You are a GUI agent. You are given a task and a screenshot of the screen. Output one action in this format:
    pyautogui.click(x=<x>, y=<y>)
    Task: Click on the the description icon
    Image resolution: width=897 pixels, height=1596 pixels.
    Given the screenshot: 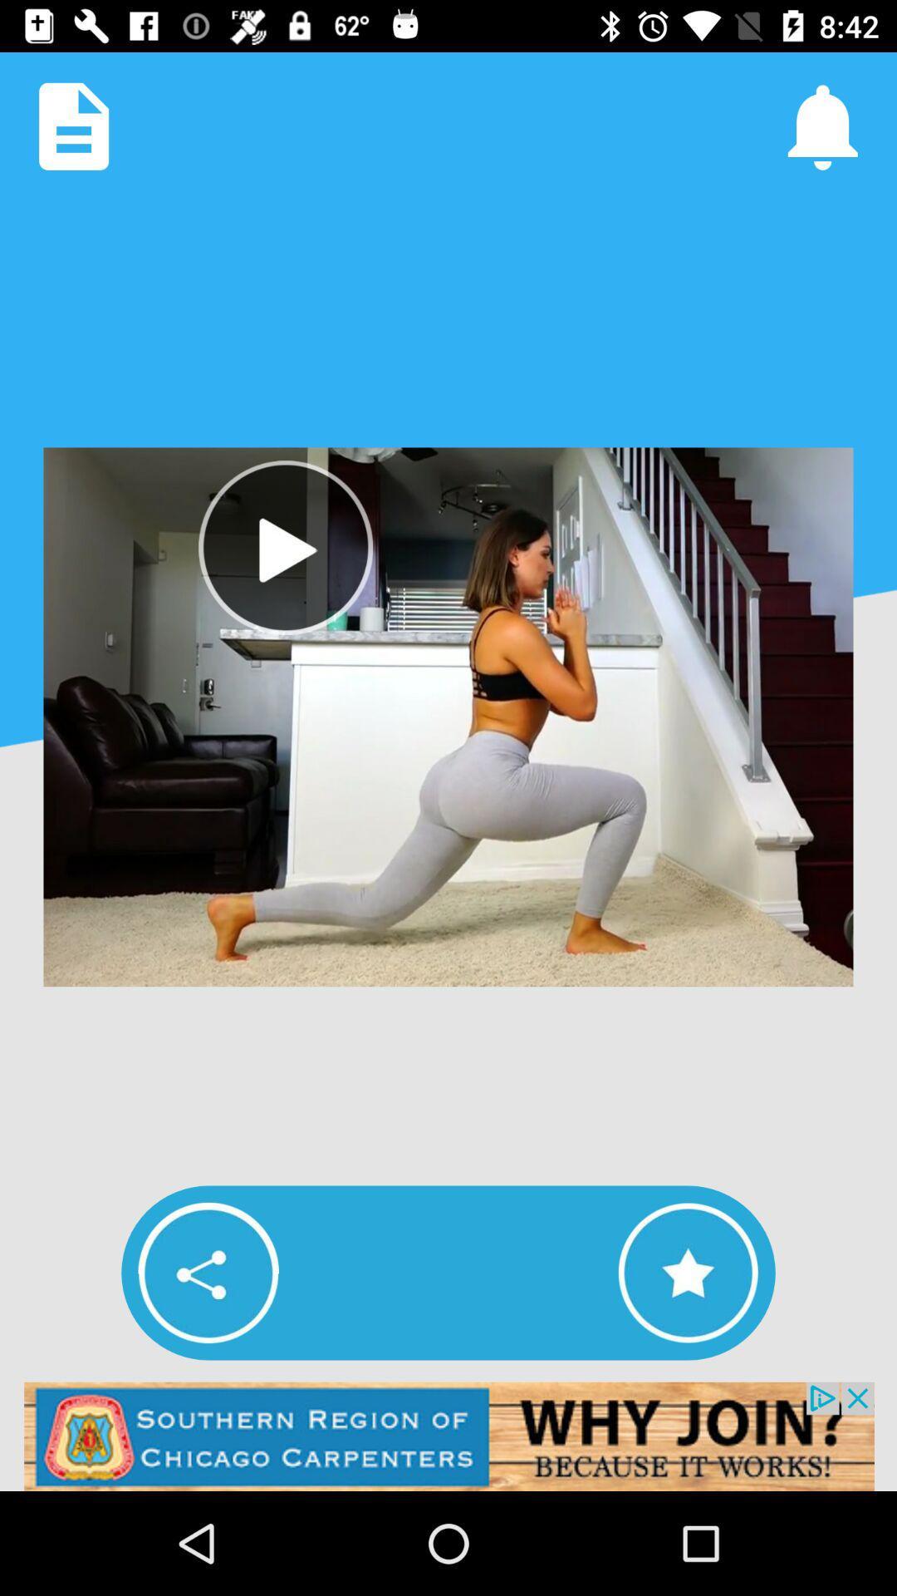 What is the action you would take?
    pyautogui.click(x=73, y=126)
    